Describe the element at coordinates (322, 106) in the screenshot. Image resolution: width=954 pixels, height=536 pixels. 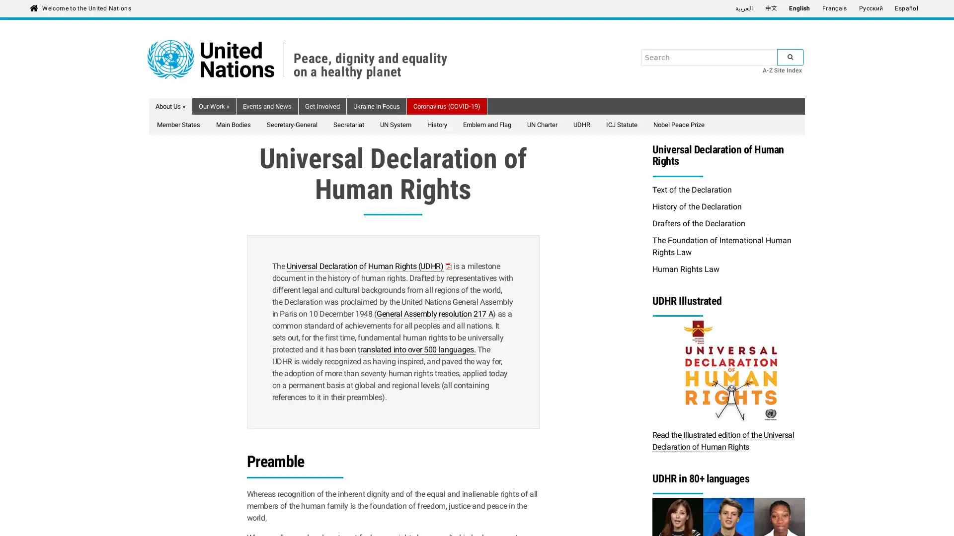
I see `Get Involved` at that location.